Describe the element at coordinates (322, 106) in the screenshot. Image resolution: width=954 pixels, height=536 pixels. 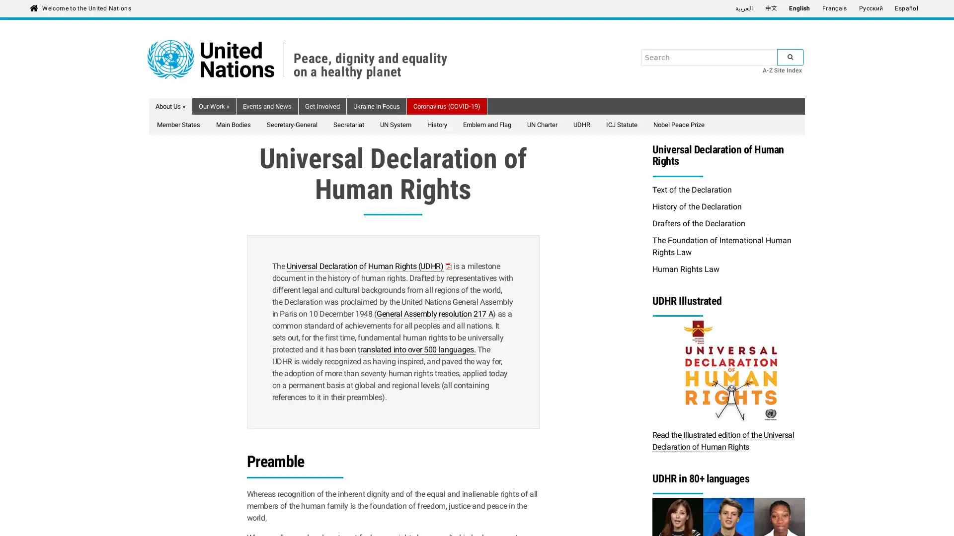
I see `Get Involved` at that location.